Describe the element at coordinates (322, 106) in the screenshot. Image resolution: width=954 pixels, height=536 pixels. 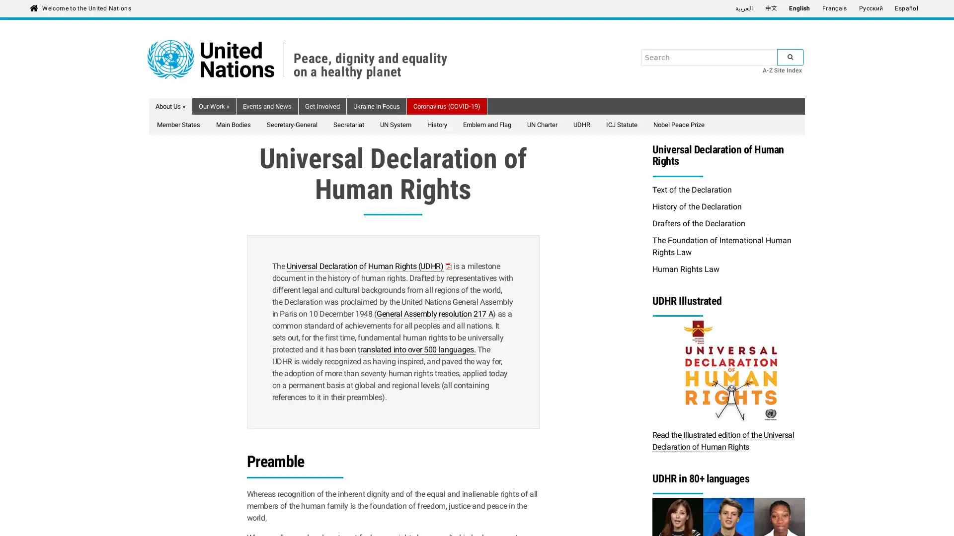
I see `Get Involved` at that location.